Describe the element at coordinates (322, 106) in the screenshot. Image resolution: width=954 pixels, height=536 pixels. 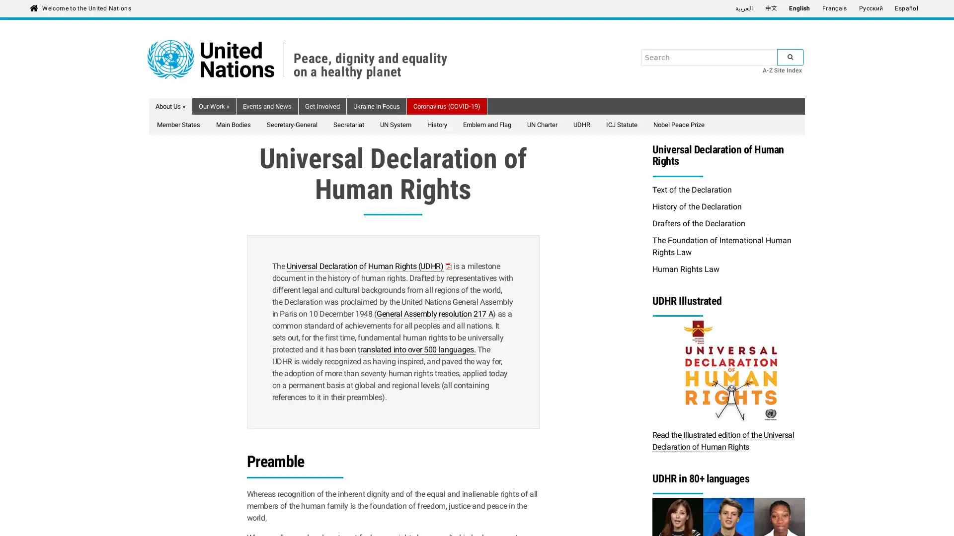
I see `Get Involved` at that location.